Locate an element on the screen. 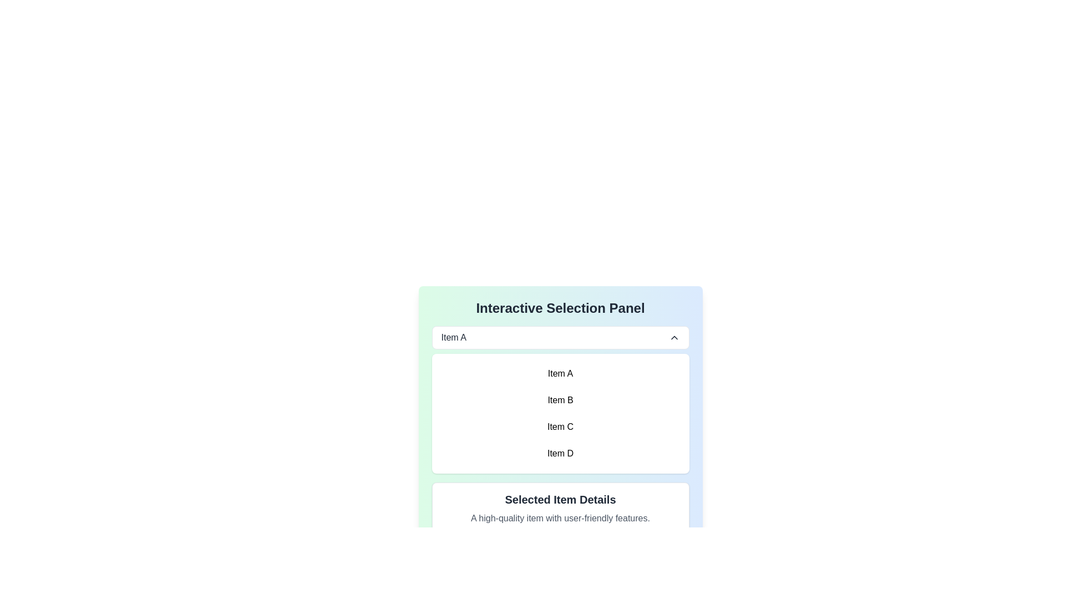 The width and height of the screenshot is (1065, 599). the title text label of the selection panel located above the dropdown field labeled 'Item A.' is located at coordinates (560, 308).